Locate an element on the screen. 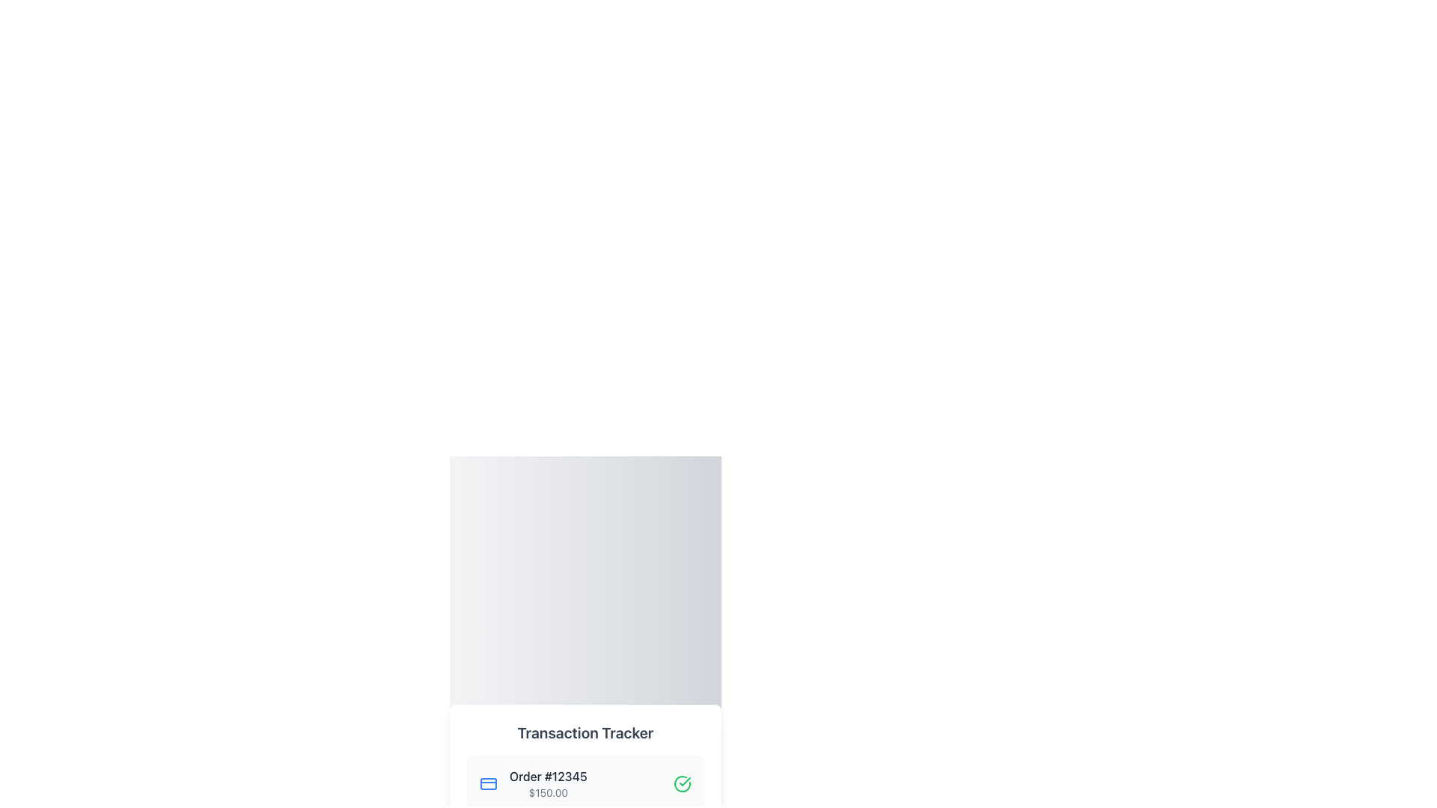  the static Text Display that shows the monetary value associated with 'Order #12345', located directly below the order text is located at coordinates (547, 792).